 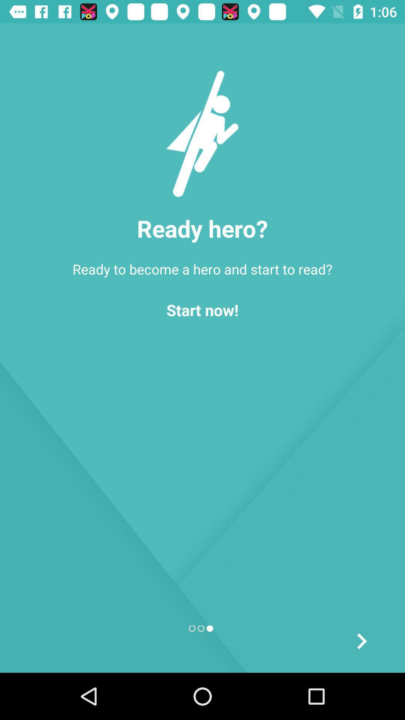 I want to click on the next page, so click(x=361, y=640).